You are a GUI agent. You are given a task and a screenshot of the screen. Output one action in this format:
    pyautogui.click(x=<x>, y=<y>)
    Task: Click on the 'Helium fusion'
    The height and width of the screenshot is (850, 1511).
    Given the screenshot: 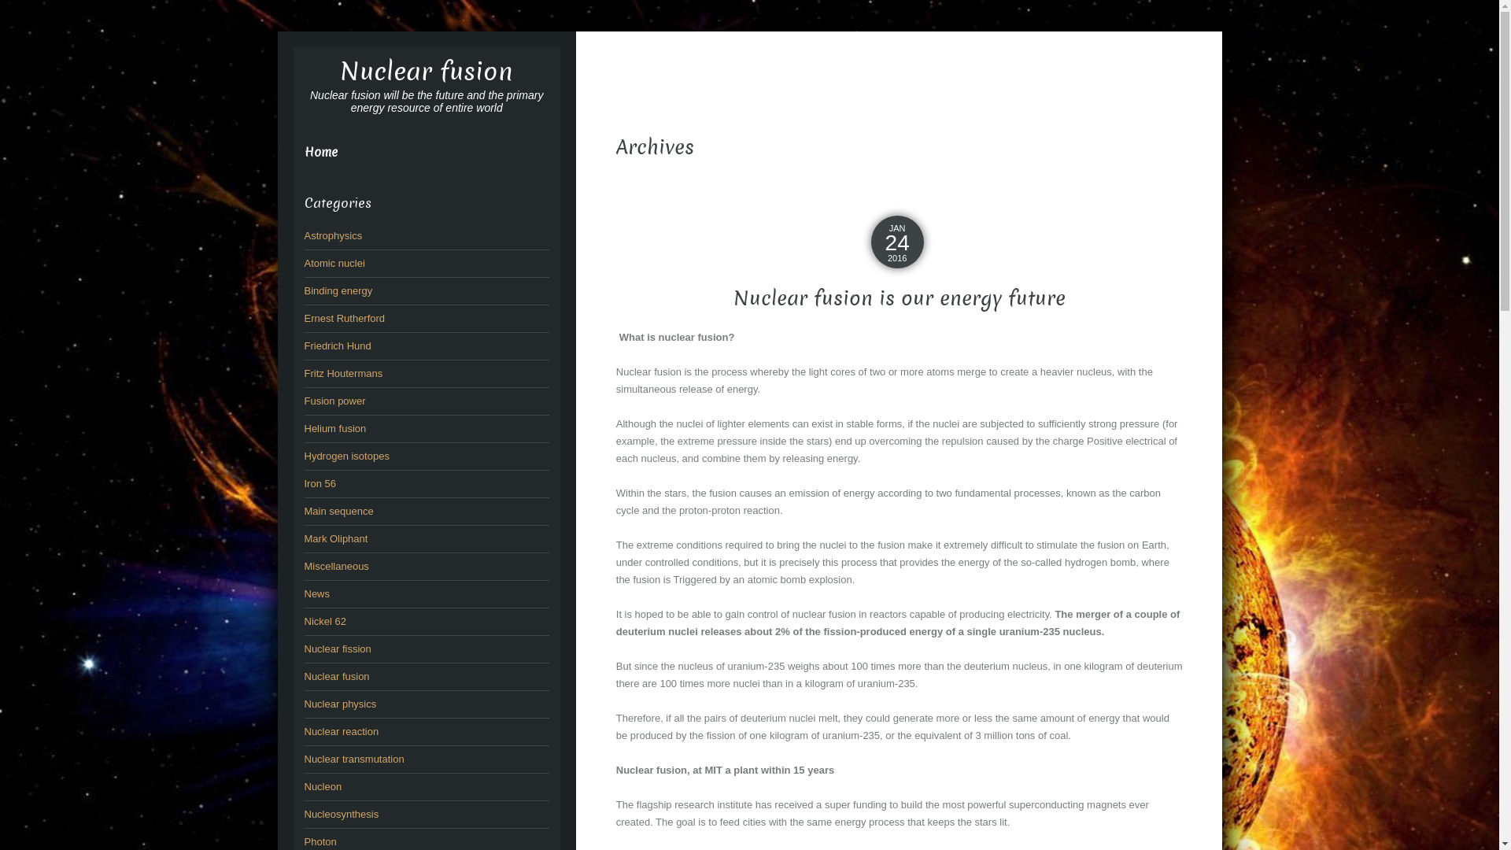 What is the action you would take?
    pyautogui.click(x=334, y=428)
    